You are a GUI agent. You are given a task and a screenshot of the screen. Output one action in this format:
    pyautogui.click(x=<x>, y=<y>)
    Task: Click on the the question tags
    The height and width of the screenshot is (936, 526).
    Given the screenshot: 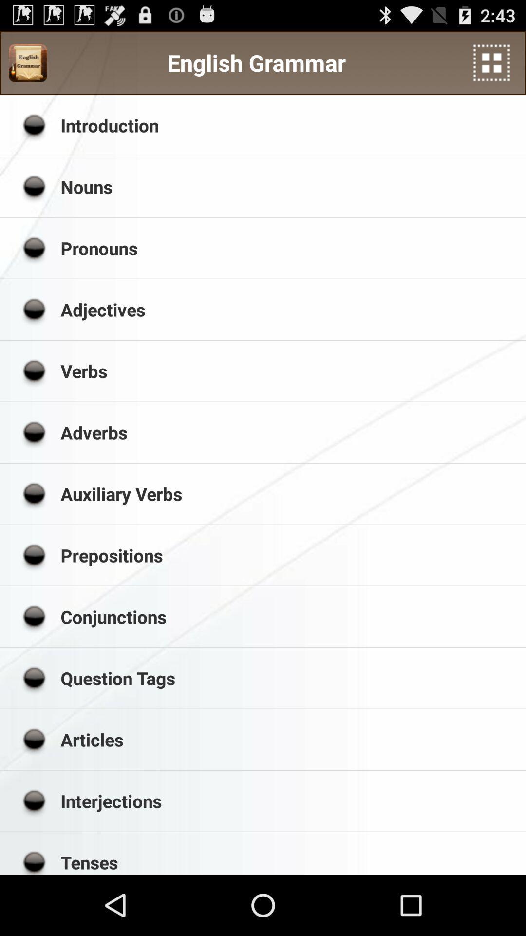 What is the action you would take?
    pyautogui.click(x=289, y=678)
    